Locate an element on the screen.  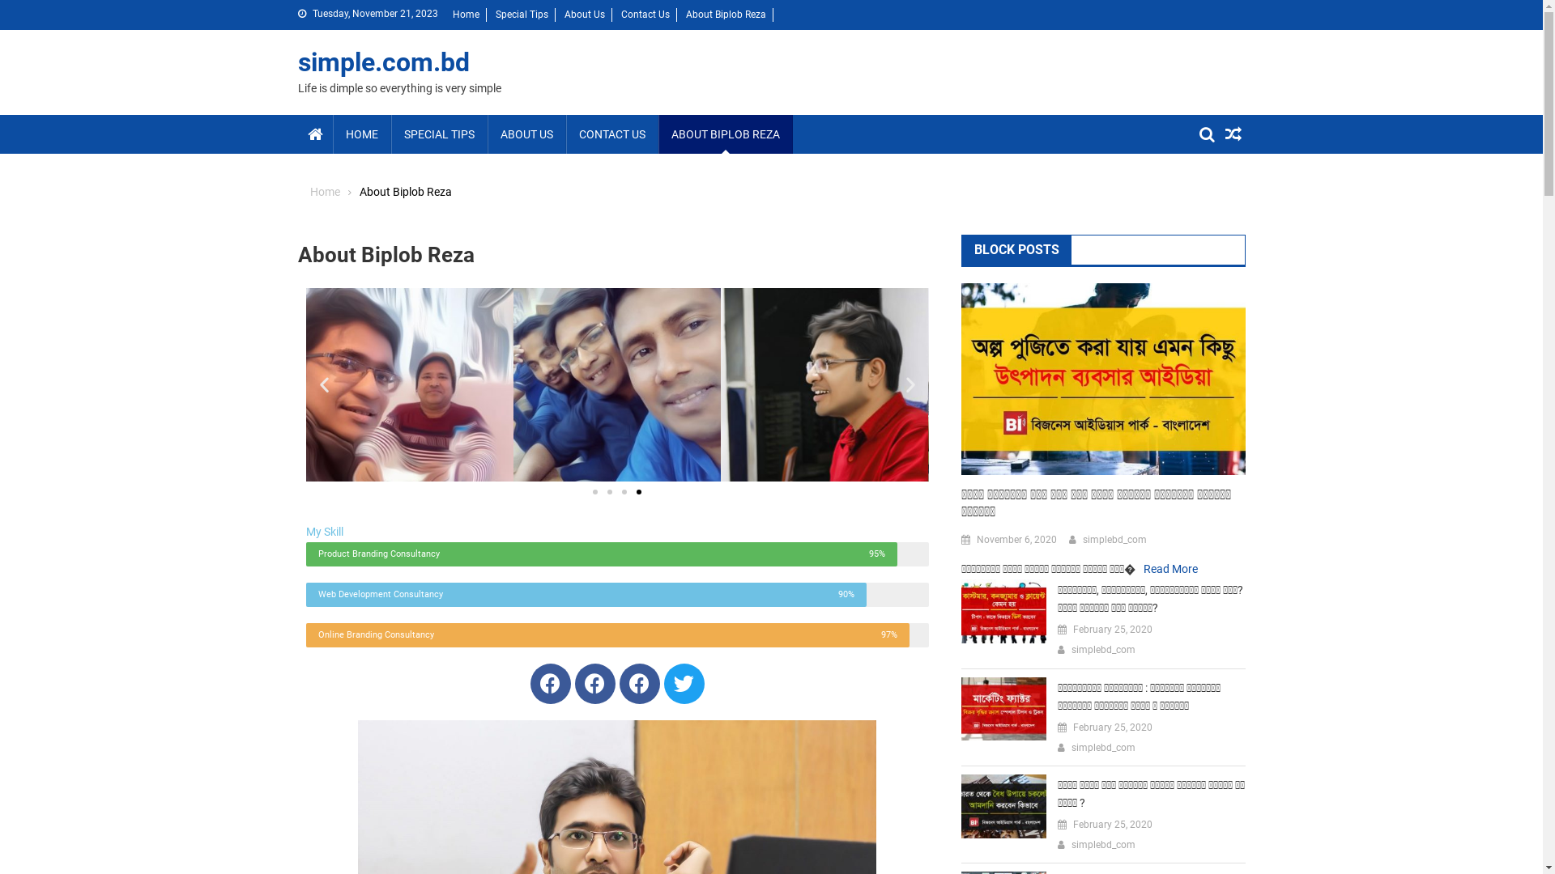
'CONTACT US' is located at coordinates (610, 133).